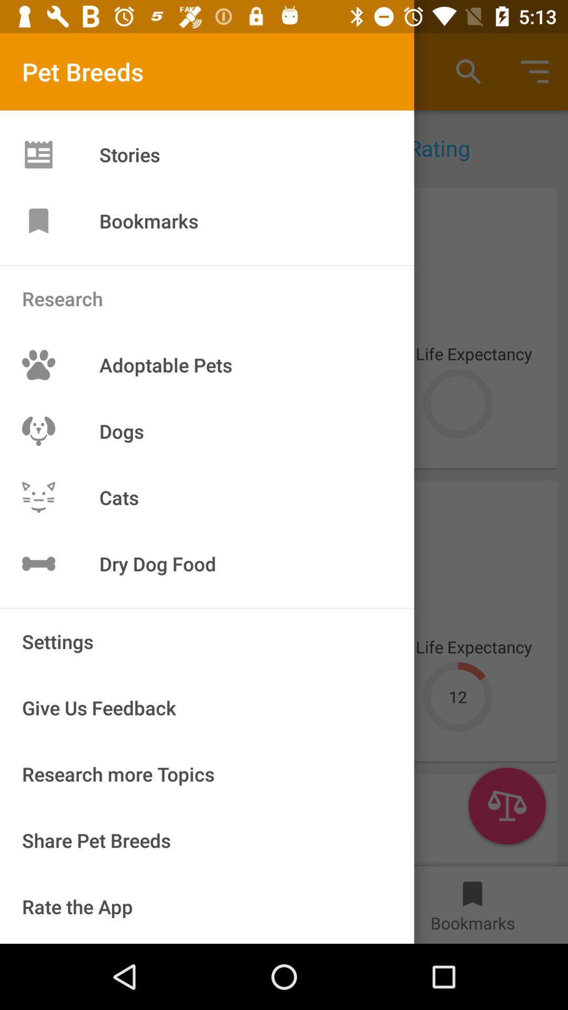  What do you see at coordinates (38, 563) in the screenshot?
I see `the image which is left side of dry dog food` at bounding box center [38, 563].